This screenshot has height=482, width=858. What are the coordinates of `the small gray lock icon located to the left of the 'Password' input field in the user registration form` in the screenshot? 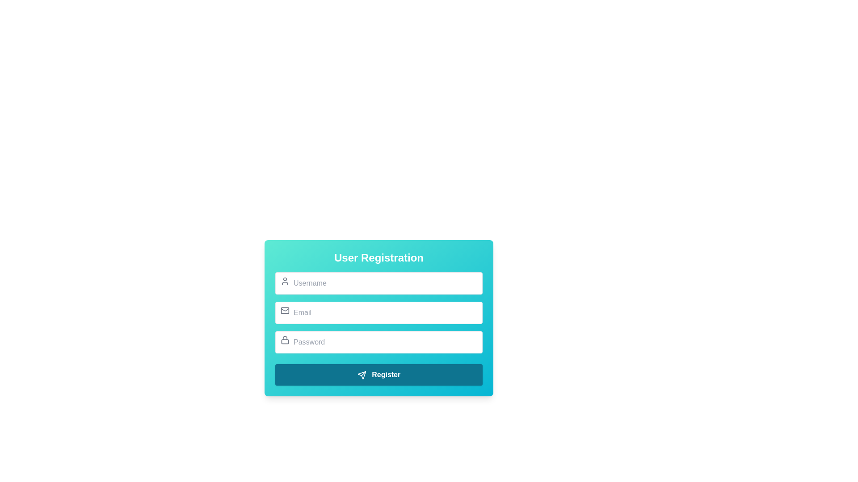 It's located at (285, 340).